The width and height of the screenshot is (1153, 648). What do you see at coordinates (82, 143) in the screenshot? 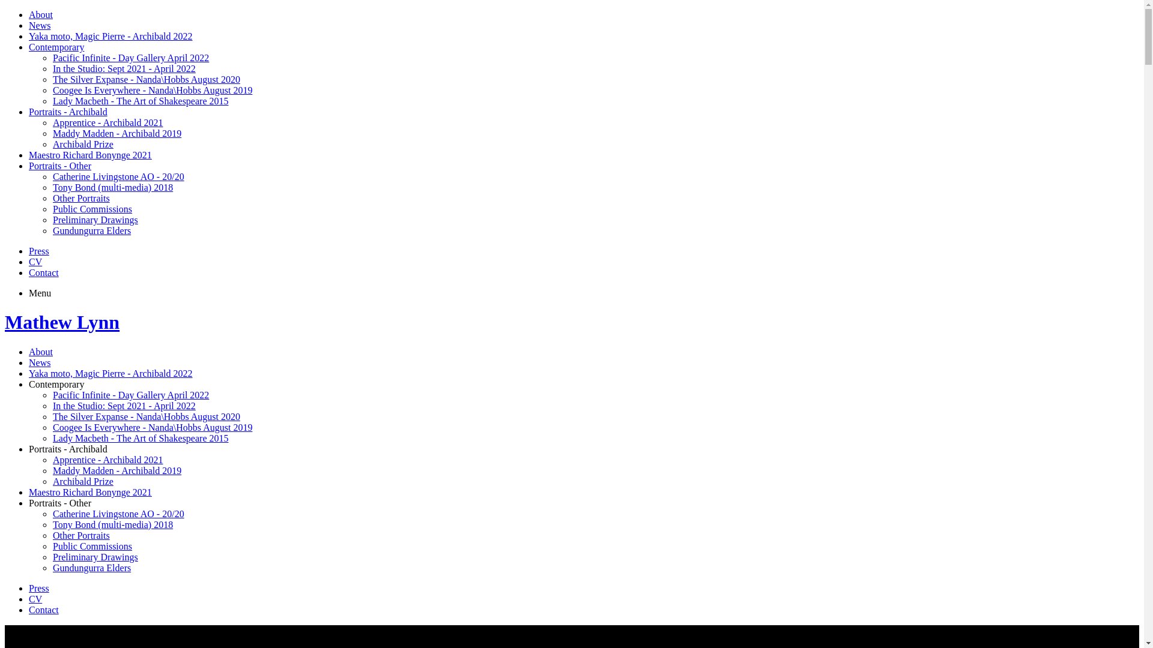
I see `'Archibald Prize'` at bounding box center [82, 143].